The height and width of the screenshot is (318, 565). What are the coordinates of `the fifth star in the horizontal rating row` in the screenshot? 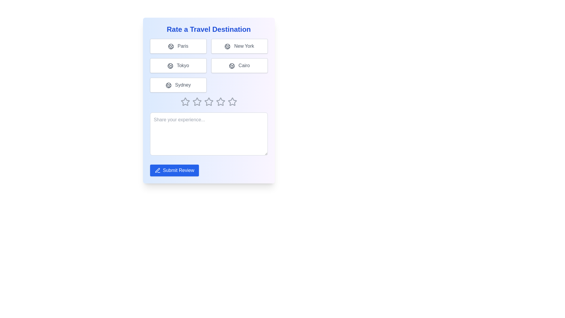 It's located at (220, 102).